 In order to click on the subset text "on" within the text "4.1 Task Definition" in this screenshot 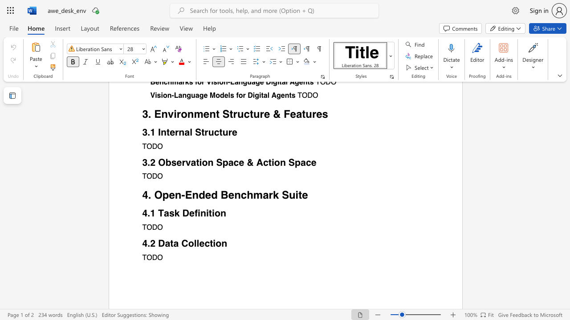, I will do `click(214, 213)`.